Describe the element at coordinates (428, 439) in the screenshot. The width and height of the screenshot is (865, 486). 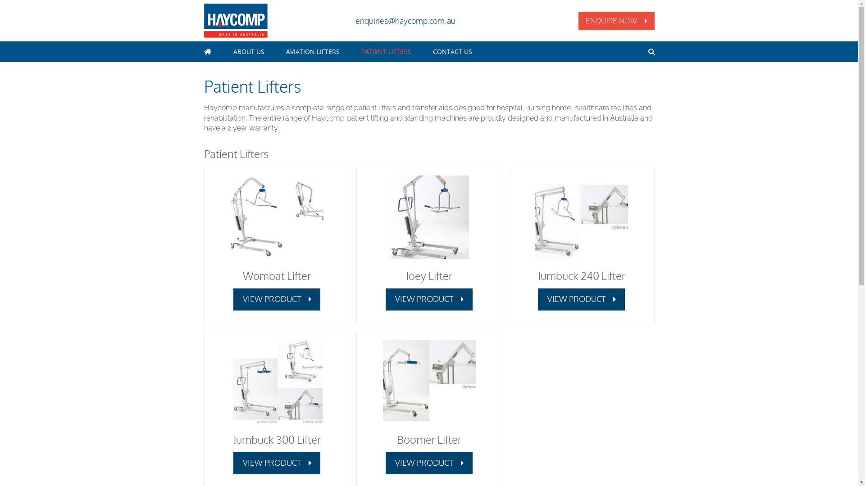
I see `'Boomer Lifter'` at that location.